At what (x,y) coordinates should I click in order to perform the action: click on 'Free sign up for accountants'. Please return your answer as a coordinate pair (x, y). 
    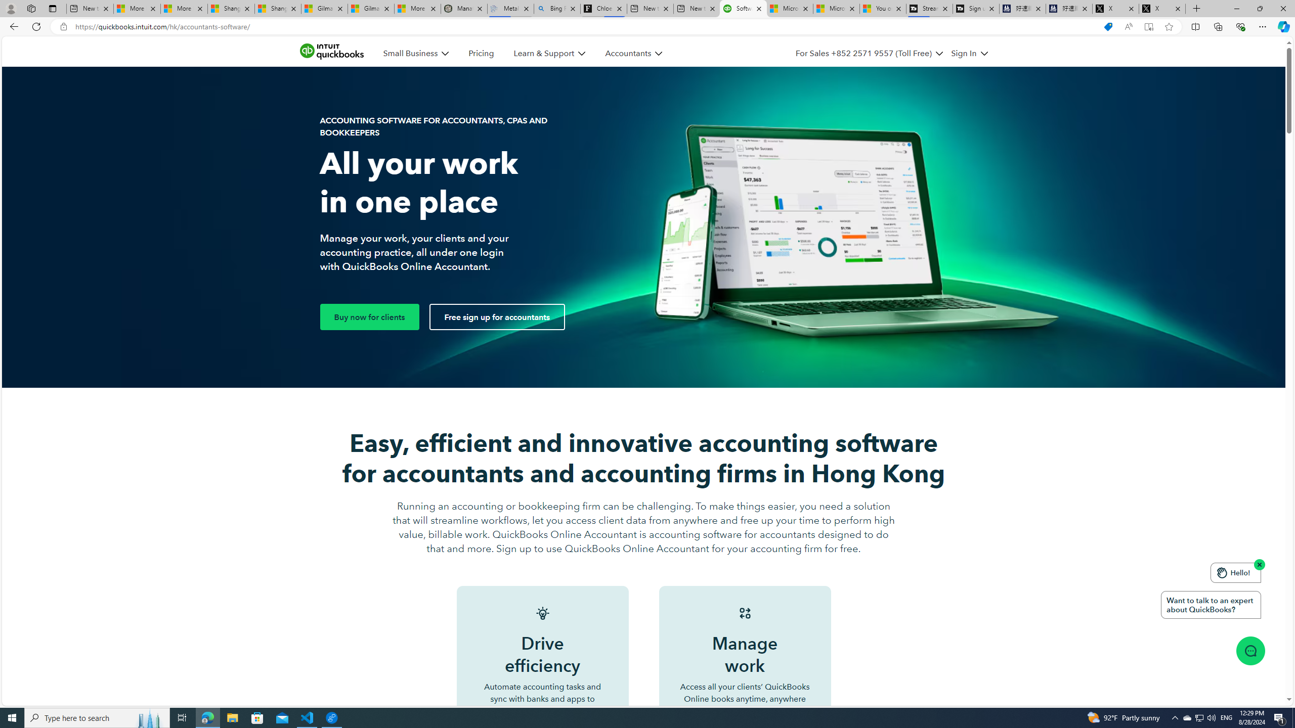
    Looking at the image, I should click on (496, 317).